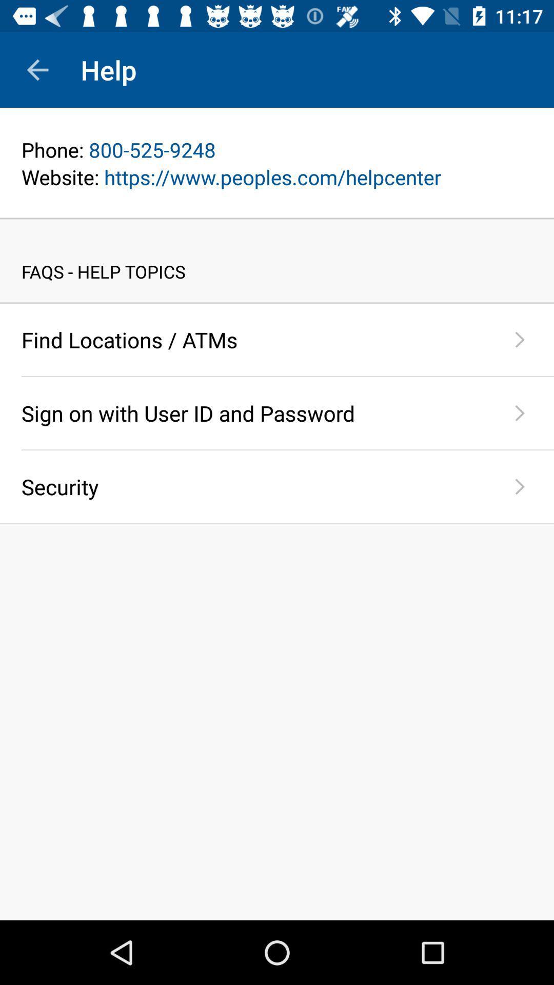 Image resolution: width=554 pixels, height=985 pixels. I want to click on the app above website https www, so click(277, 149).